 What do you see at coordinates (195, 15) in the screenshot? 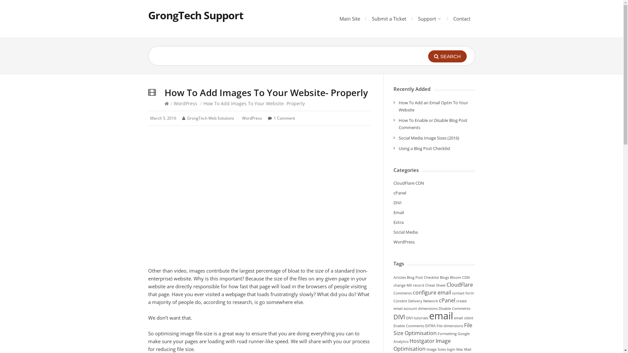
I see `'GrongTech Support'` at bounding box center [195, 15].